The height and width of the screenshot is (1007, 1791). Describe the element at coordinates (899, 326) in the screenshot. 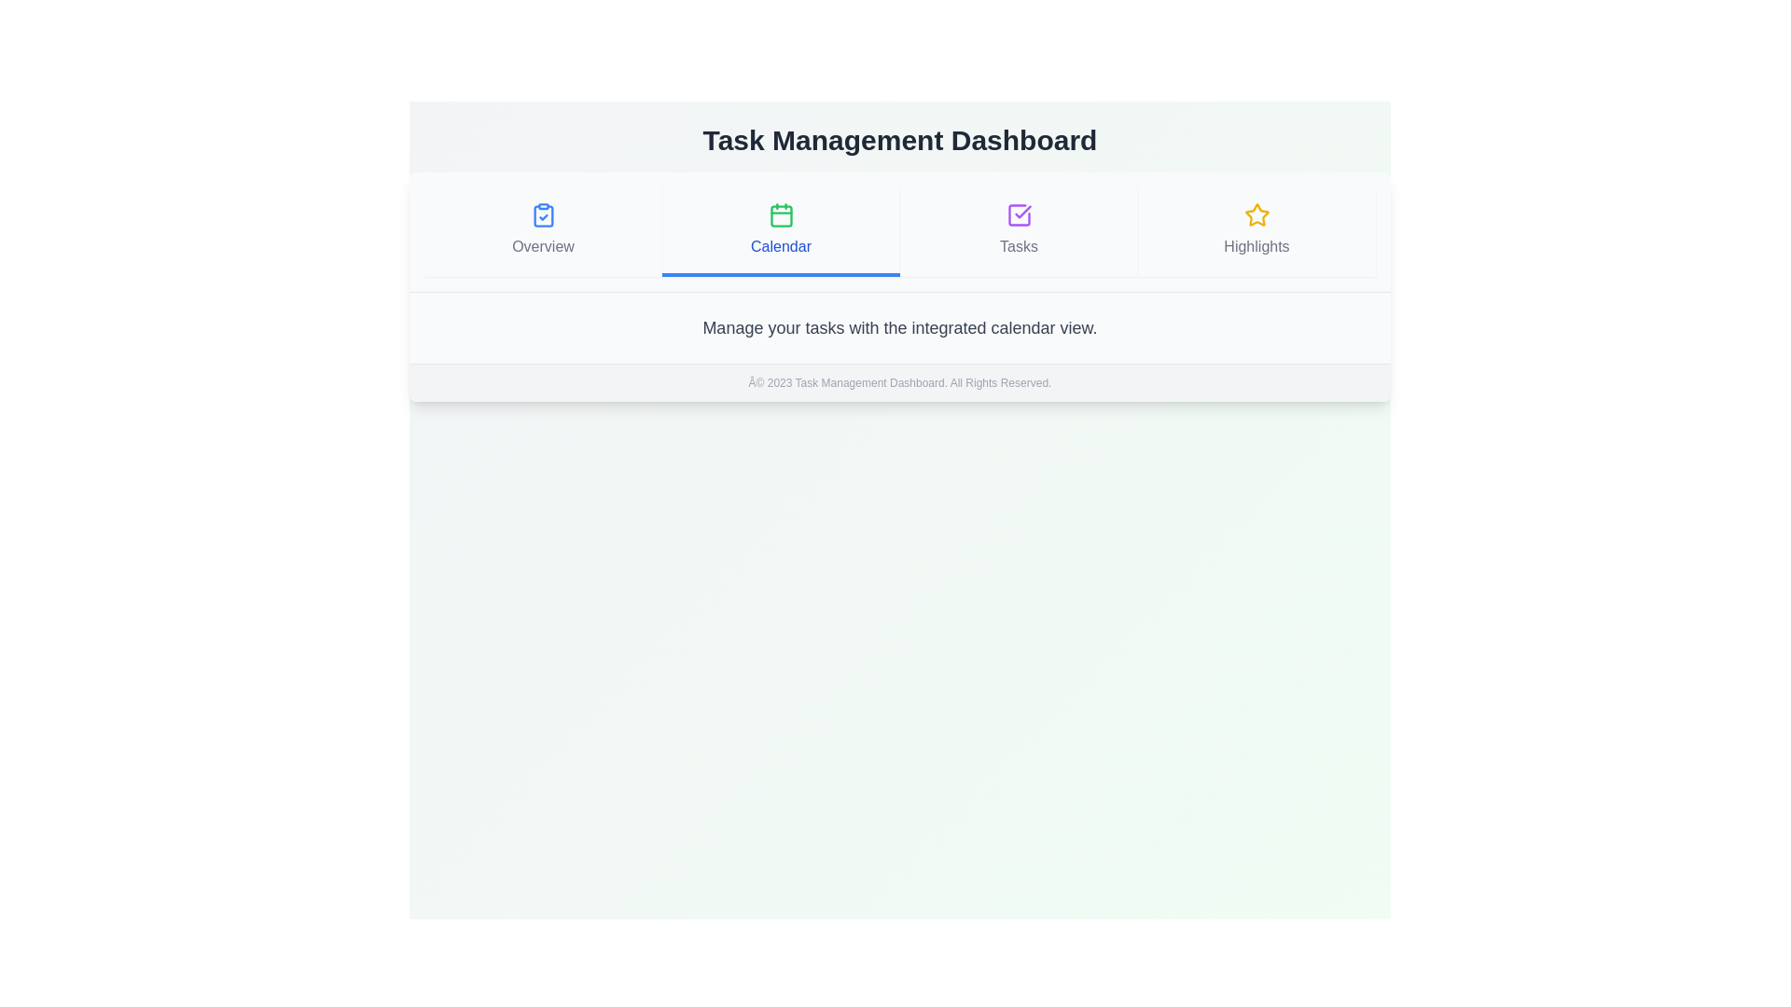

I see `the Text Label displaying 'Manage your tasks with the integrated calendar view.' which is centered beneath the navigation bar, part of the calendar view explanation section` at that location.